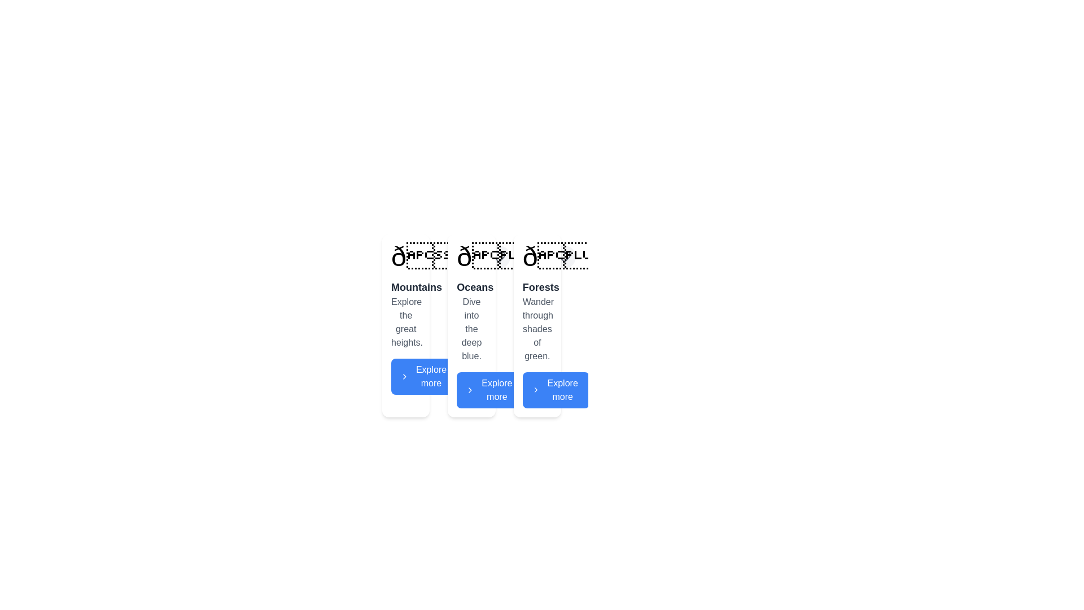  I want to click on the small heart-shaped icon located at the top-center of the 'Forests' card, which is the third card in a horizontally aligned list of three cards, so click(564, 257).